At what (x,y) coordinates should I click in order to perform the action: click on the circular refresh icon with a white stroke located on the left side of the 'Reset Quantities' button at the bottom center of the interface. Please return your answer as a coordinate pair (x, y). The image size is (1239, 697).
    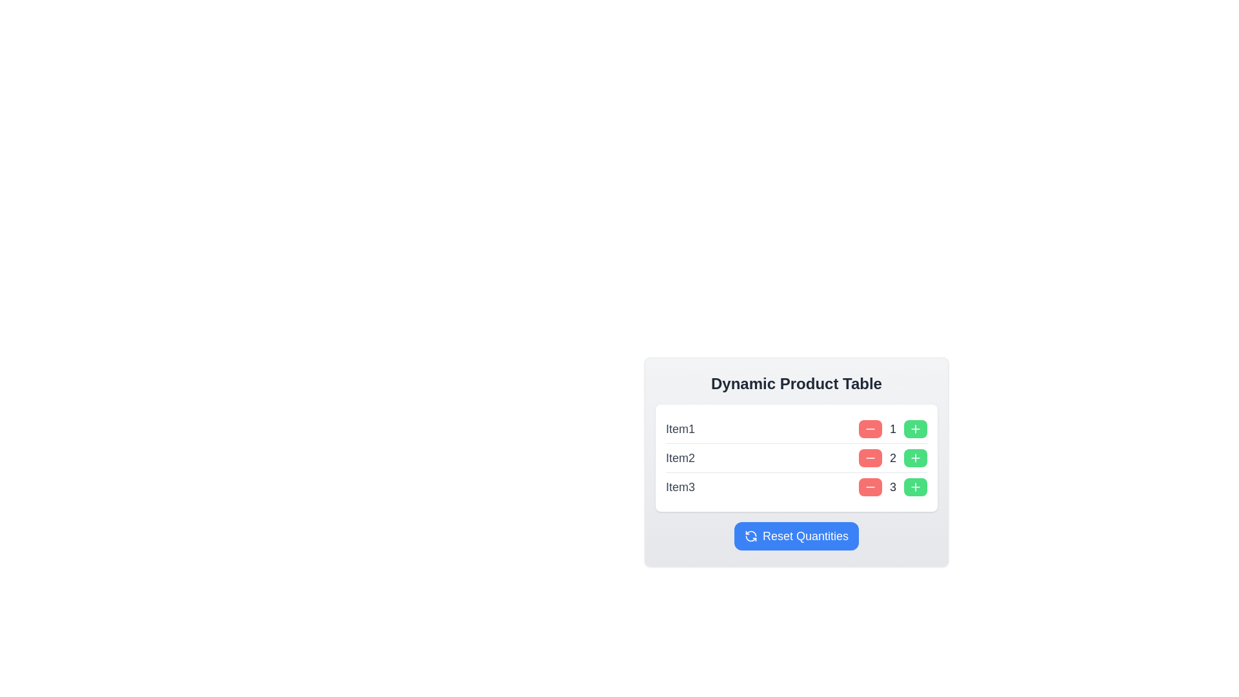
    Looking at the image, I should click on (750, 536).